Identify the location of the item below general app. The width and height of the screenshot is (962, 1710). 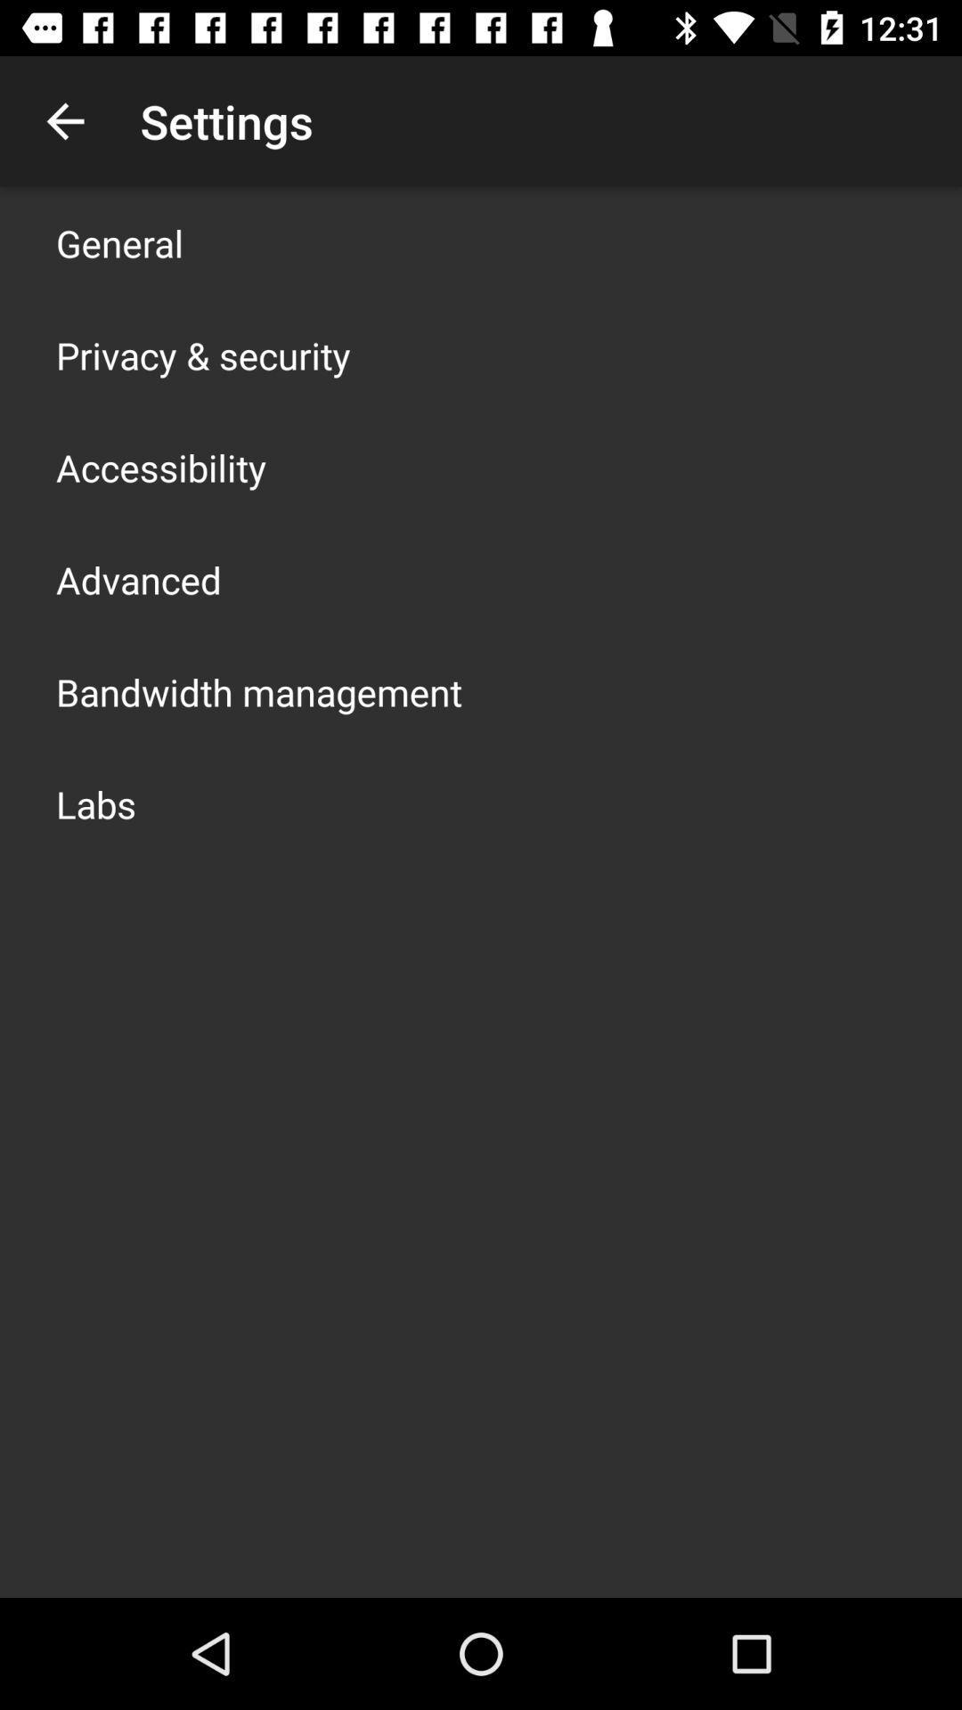
(202, 354).